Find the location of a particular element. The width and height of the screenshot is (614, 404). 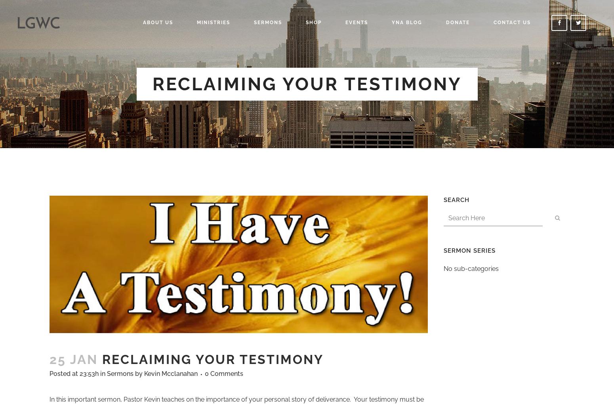

'Posted at 23:53h' is located at coordinates (73, 373).